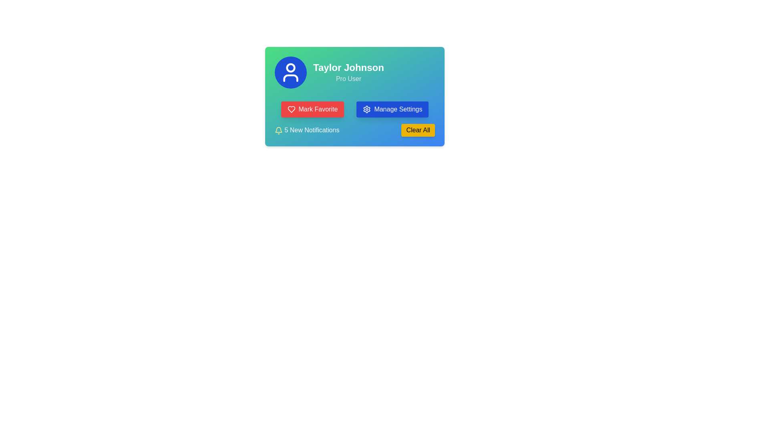 Image resolution: width=769 pixels, height=433 pixels. I want to click on the bell icon located, so click(279, 129).